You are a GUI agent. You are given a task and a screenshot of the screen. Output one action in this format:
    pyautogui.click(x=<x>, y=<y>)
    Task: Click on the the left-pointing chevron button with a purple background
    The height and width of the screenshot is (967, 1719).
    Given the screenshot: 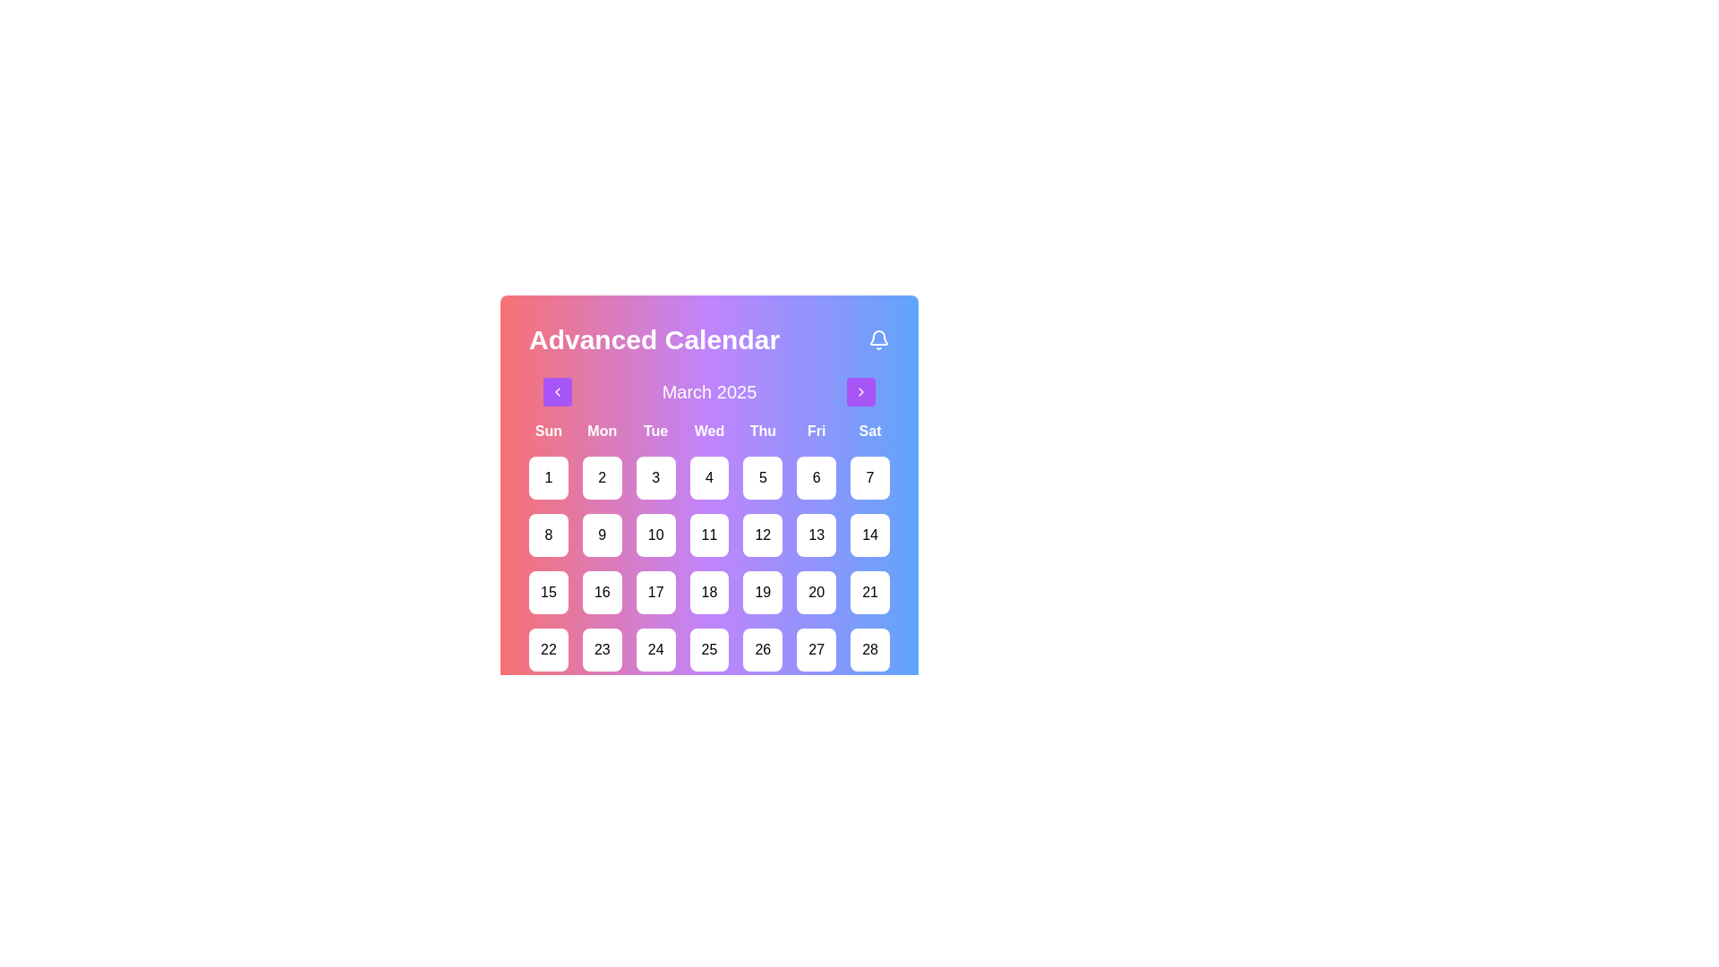 What is the action you would take?
    pyautogui.click(x=557, y=391)
    